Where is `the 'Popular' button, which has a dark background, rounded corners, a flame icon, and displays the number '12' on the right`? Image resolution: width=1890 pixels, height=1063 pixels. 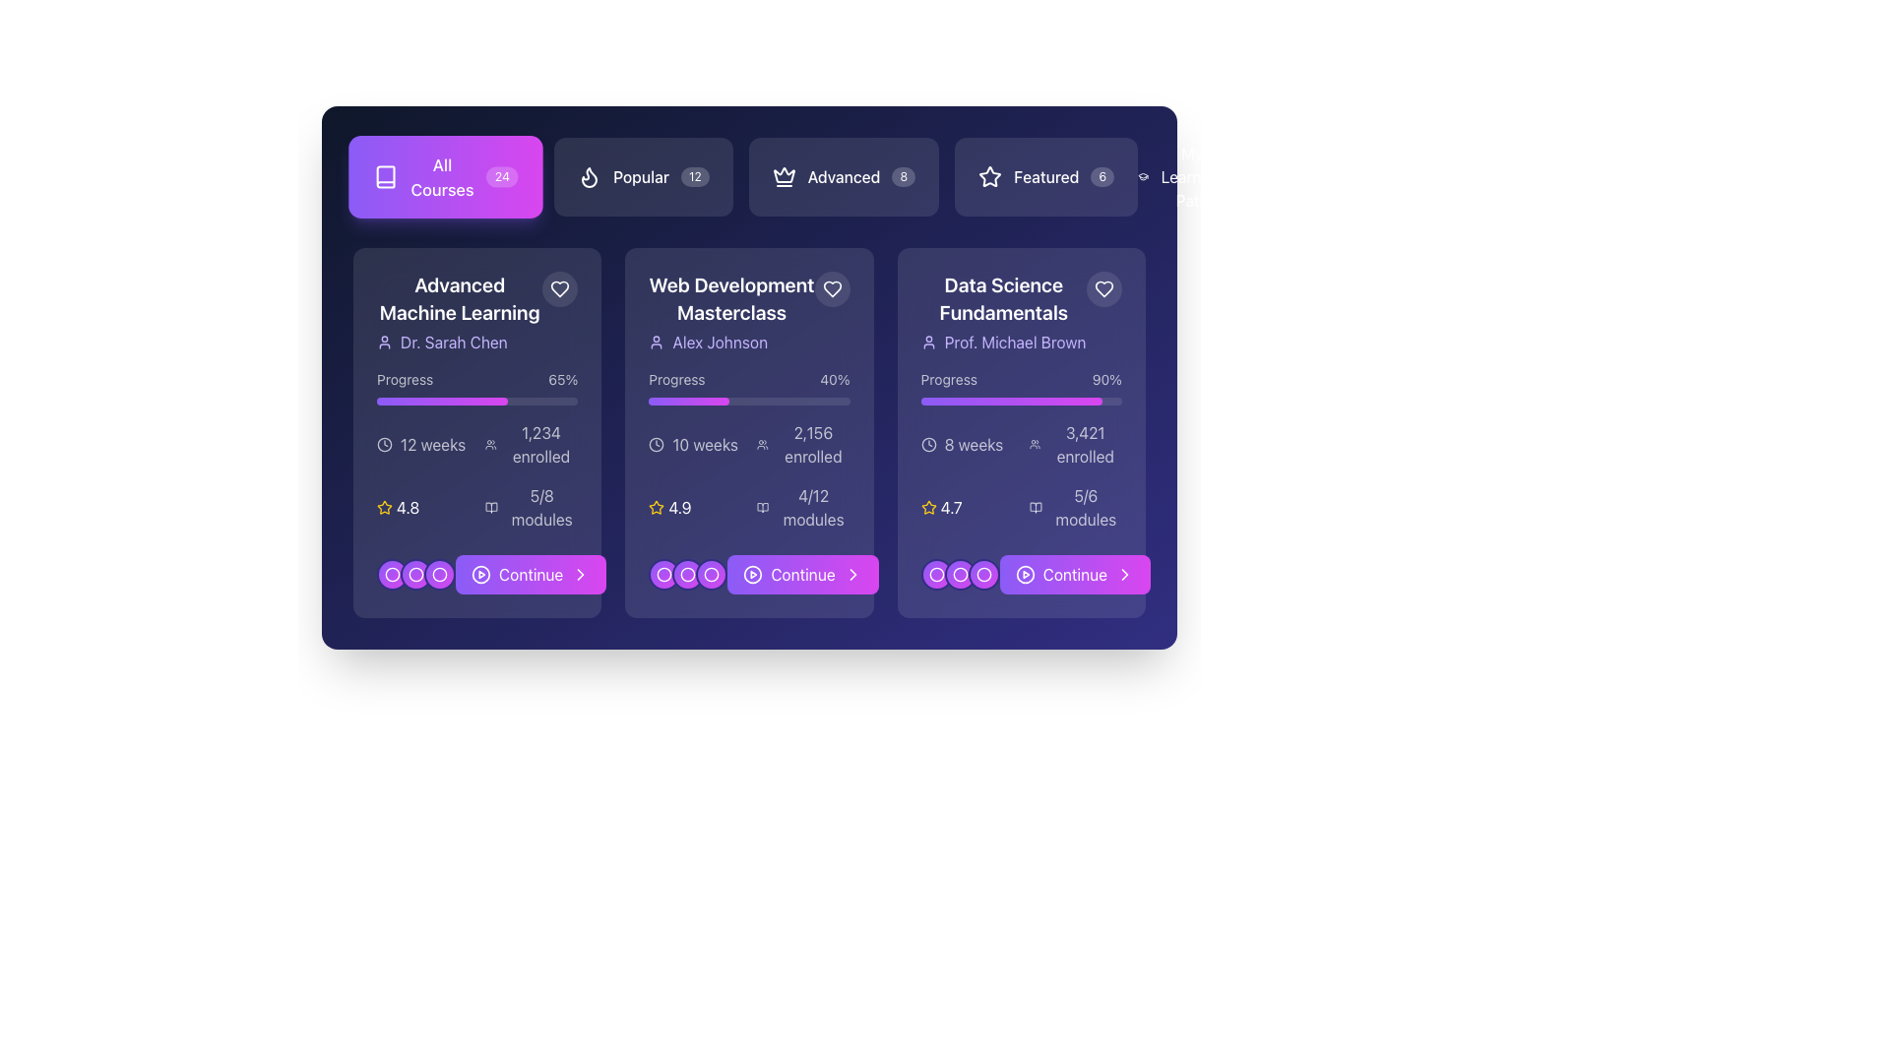
the 'Popular' button, which has a dark background, rounded corners, a flame icon, and displays the number '12' on the right is located at coordinates (643, 177).